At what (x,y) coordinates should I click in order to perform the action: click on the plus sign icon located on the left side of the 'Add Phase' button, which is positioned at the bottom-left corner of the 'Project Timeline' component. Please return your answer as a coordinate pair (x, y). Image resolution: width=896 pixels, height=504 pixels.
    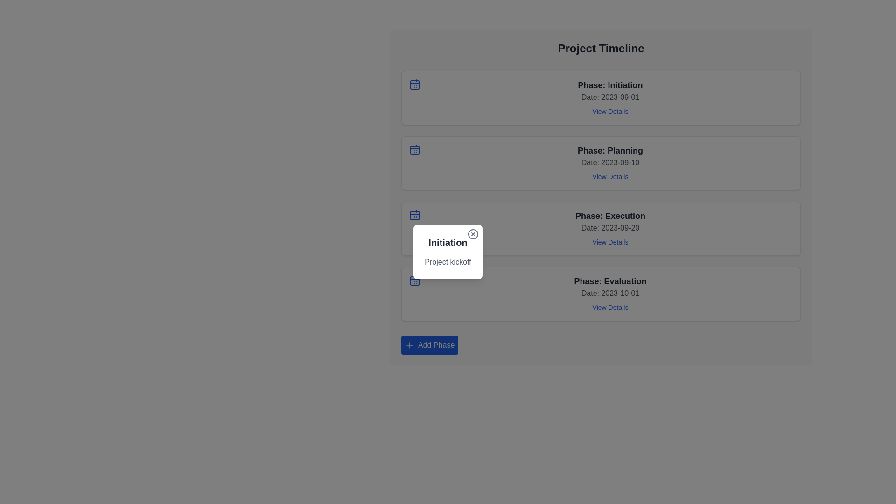
    Looking at the image, I should click on (410, 345).